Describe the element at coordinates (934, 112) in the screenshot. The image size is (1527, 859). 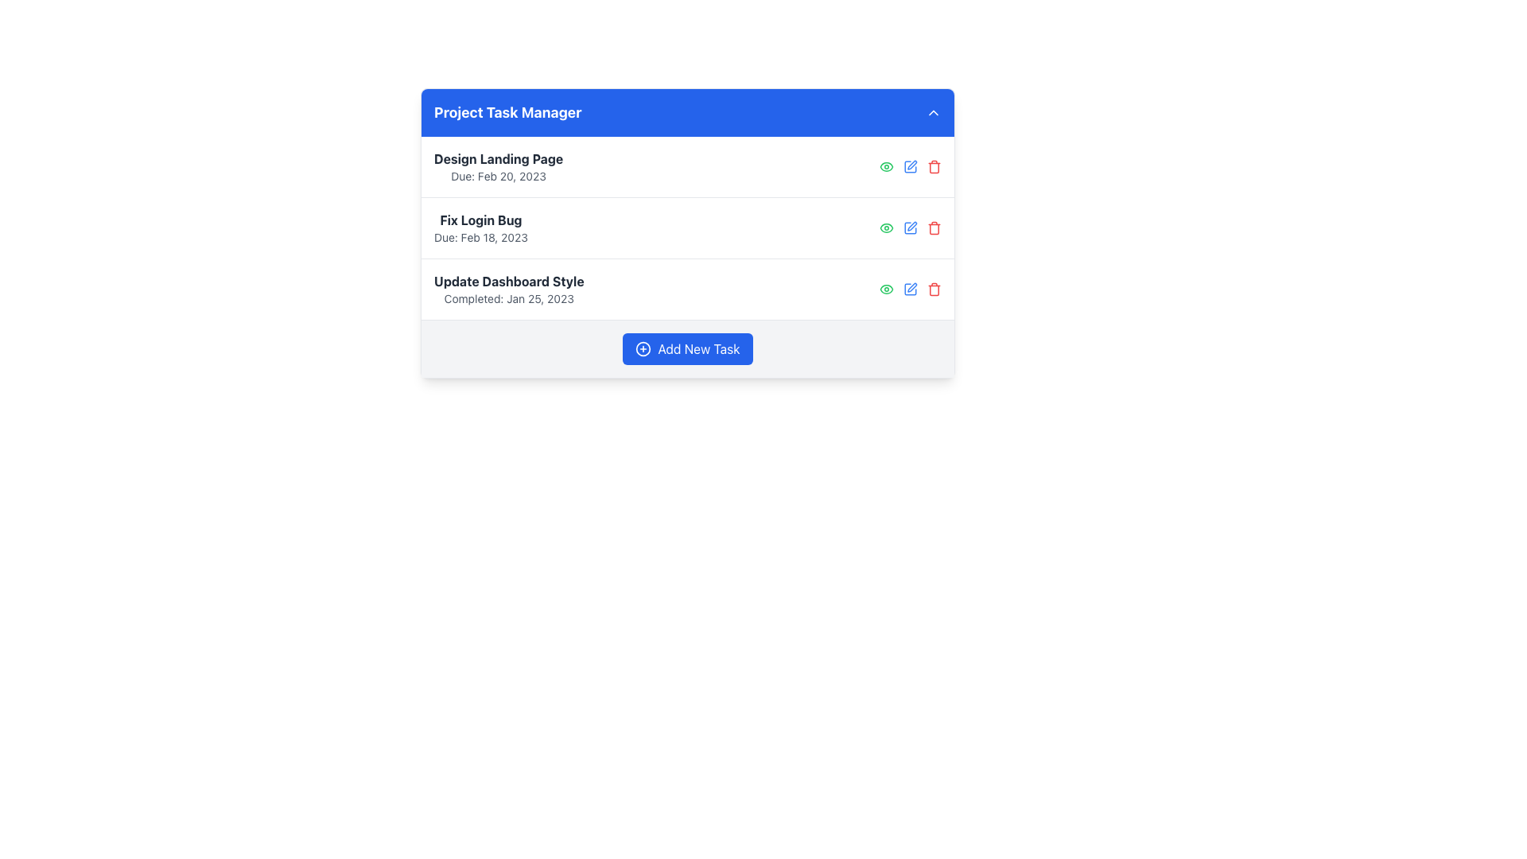
I see `the collapse or close button located in the top-right corner of the blue header labeled 'Project Task Manager'` at that location.